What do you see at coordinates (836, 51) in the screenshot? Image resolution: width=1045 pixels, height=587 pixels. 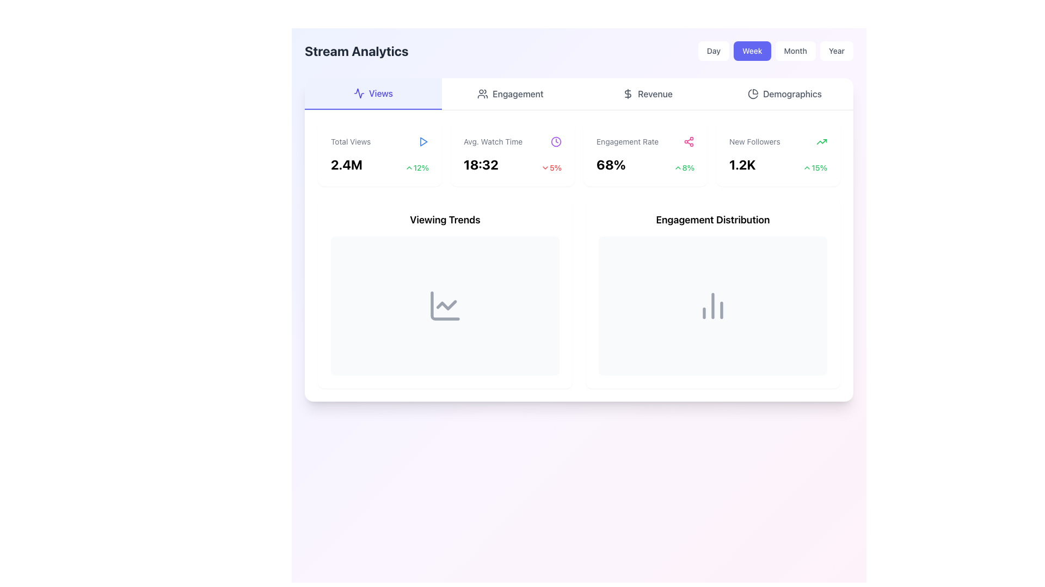 I see `the fourth button in the group` at bounding box center [836, 51].